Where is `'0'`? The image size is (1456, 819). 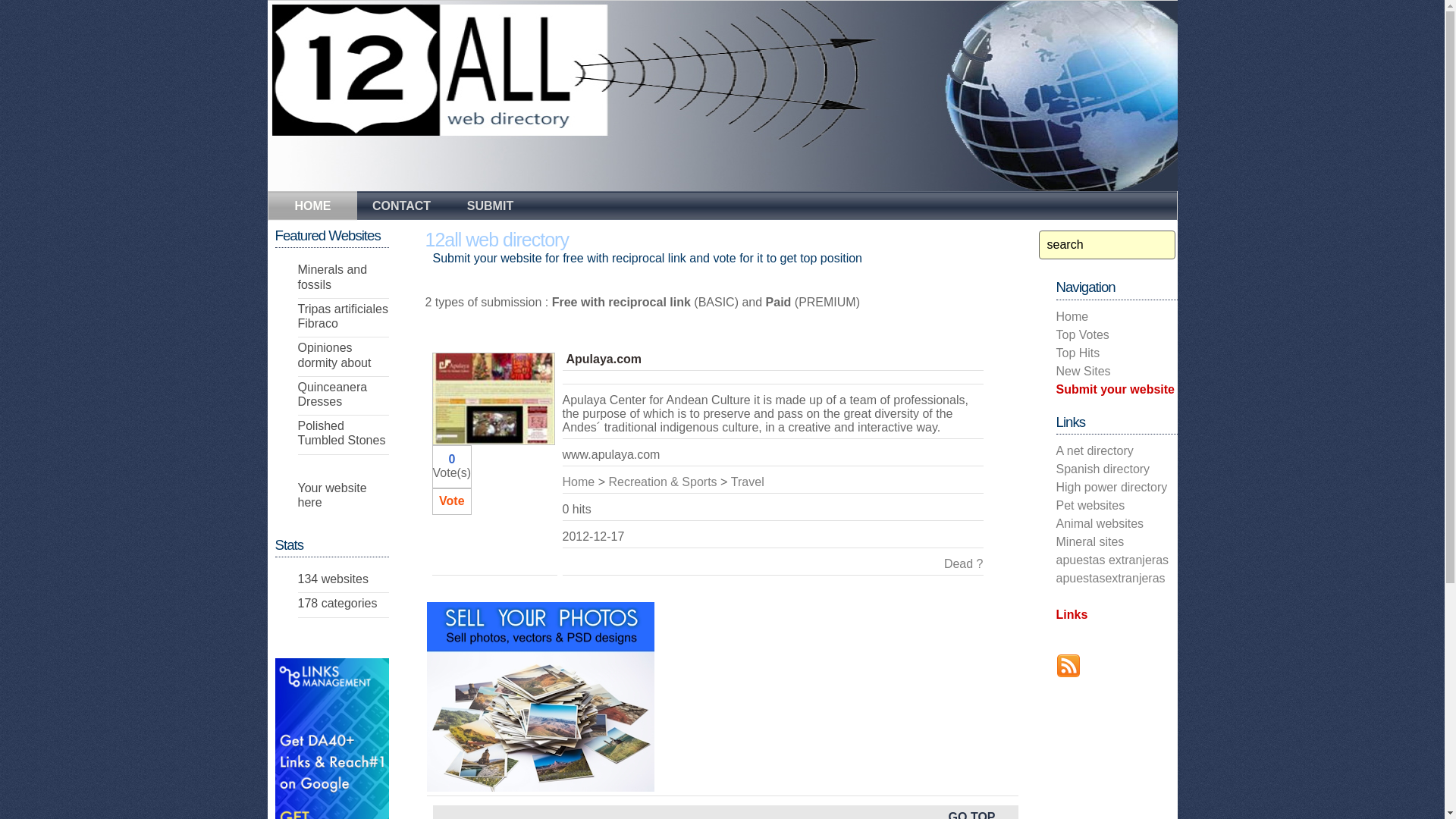 '0' is located at coordinates (450, 458).